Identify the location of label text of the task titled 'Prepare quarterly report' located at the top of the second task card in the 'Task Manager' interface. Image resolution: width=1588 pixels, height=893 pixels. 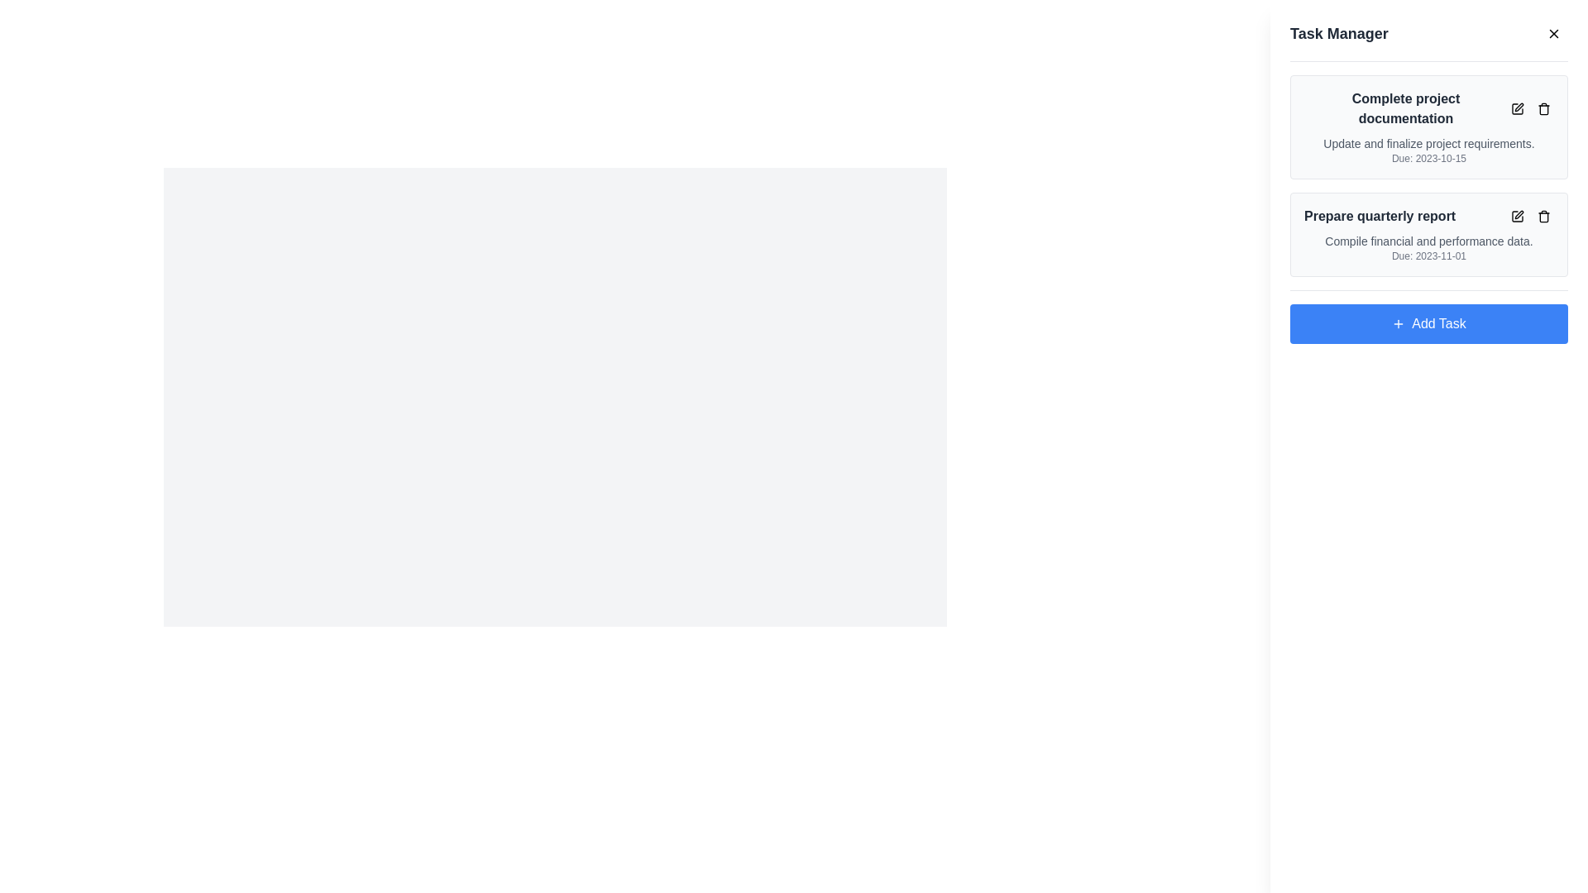
(1428, 216).